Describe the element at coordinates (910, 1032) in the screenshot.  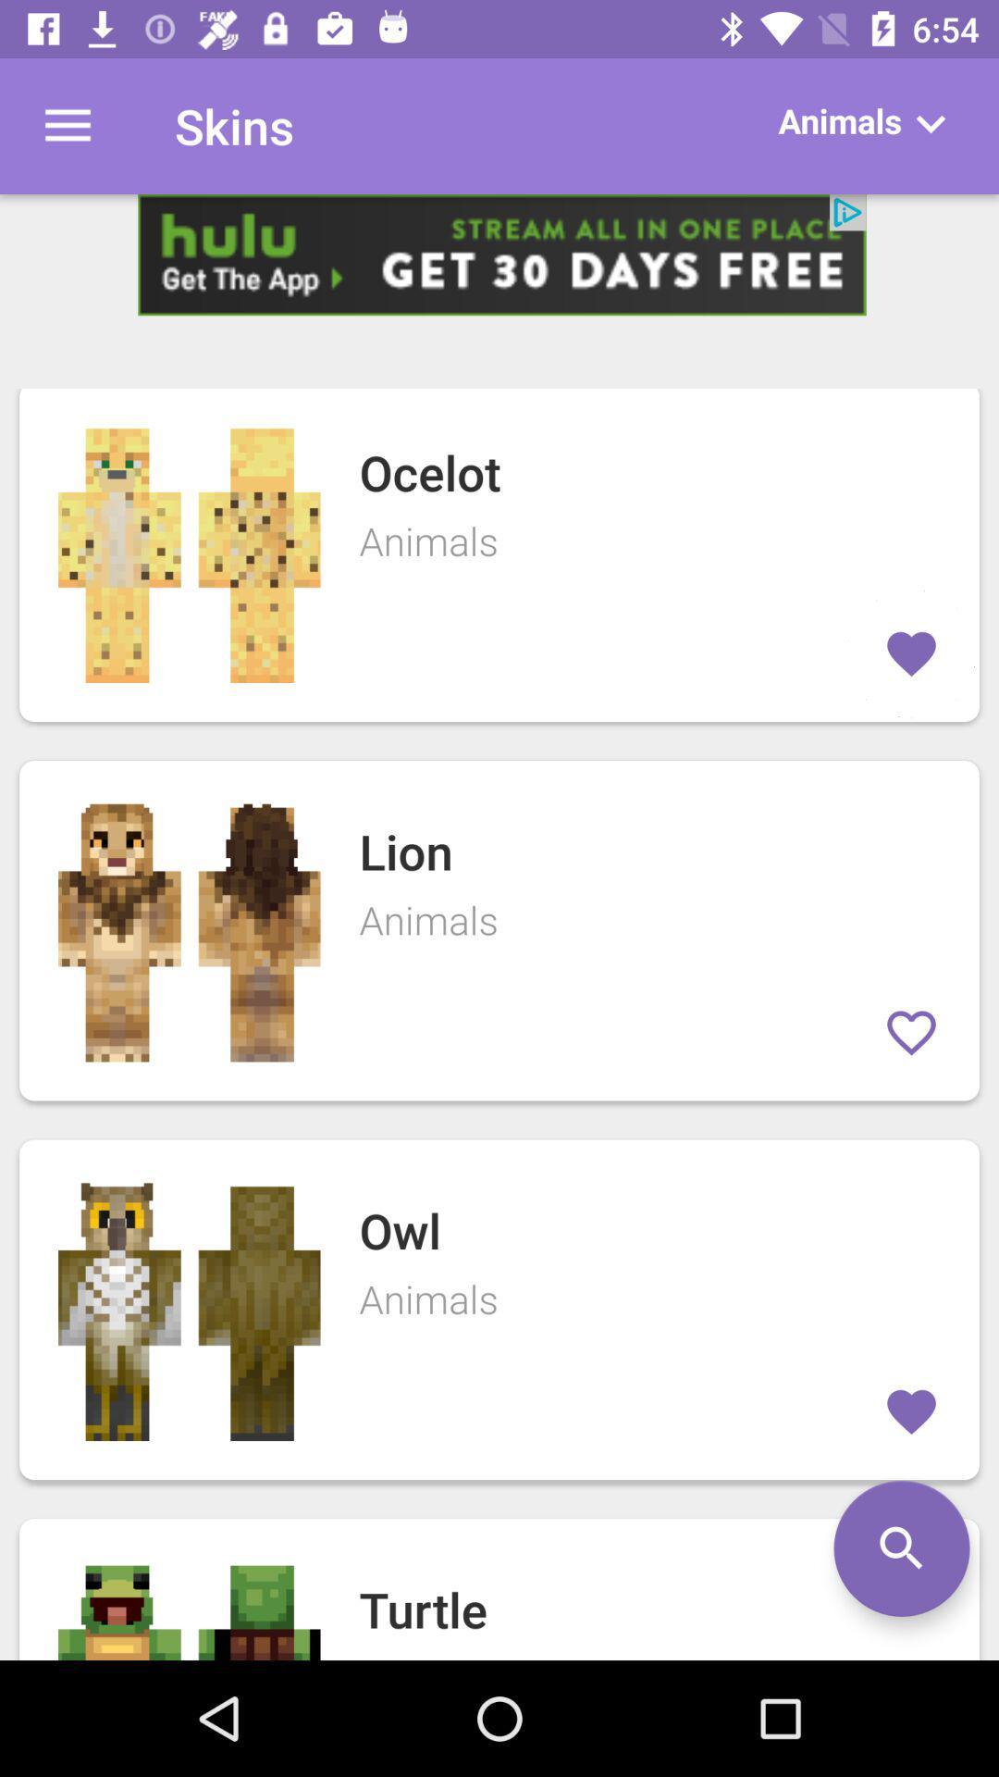
I see `the second  frames love icon` at that location.